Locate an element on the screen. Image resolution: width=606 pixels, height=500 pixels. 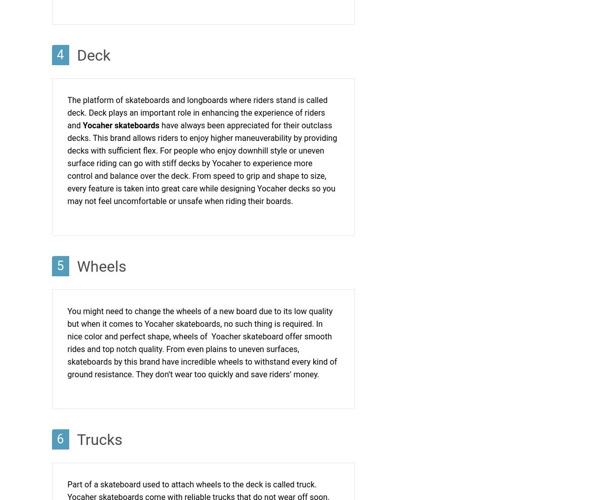
'have always been appreciated for their outclass decks. This brand allows riders to enjoy higher maneuverability by providing decks with sufficient flex. For people who enjoy downhill style or uneven surface riding can go with stiff decks by Yocaher to experience more control and balance over the deck. From speed to grip and shape to size, every feature is taken into great care while designing Yocaher decks so you may not feel uncomfortable or unsafe when riding their boards.' is located at coordinates (201, 163).